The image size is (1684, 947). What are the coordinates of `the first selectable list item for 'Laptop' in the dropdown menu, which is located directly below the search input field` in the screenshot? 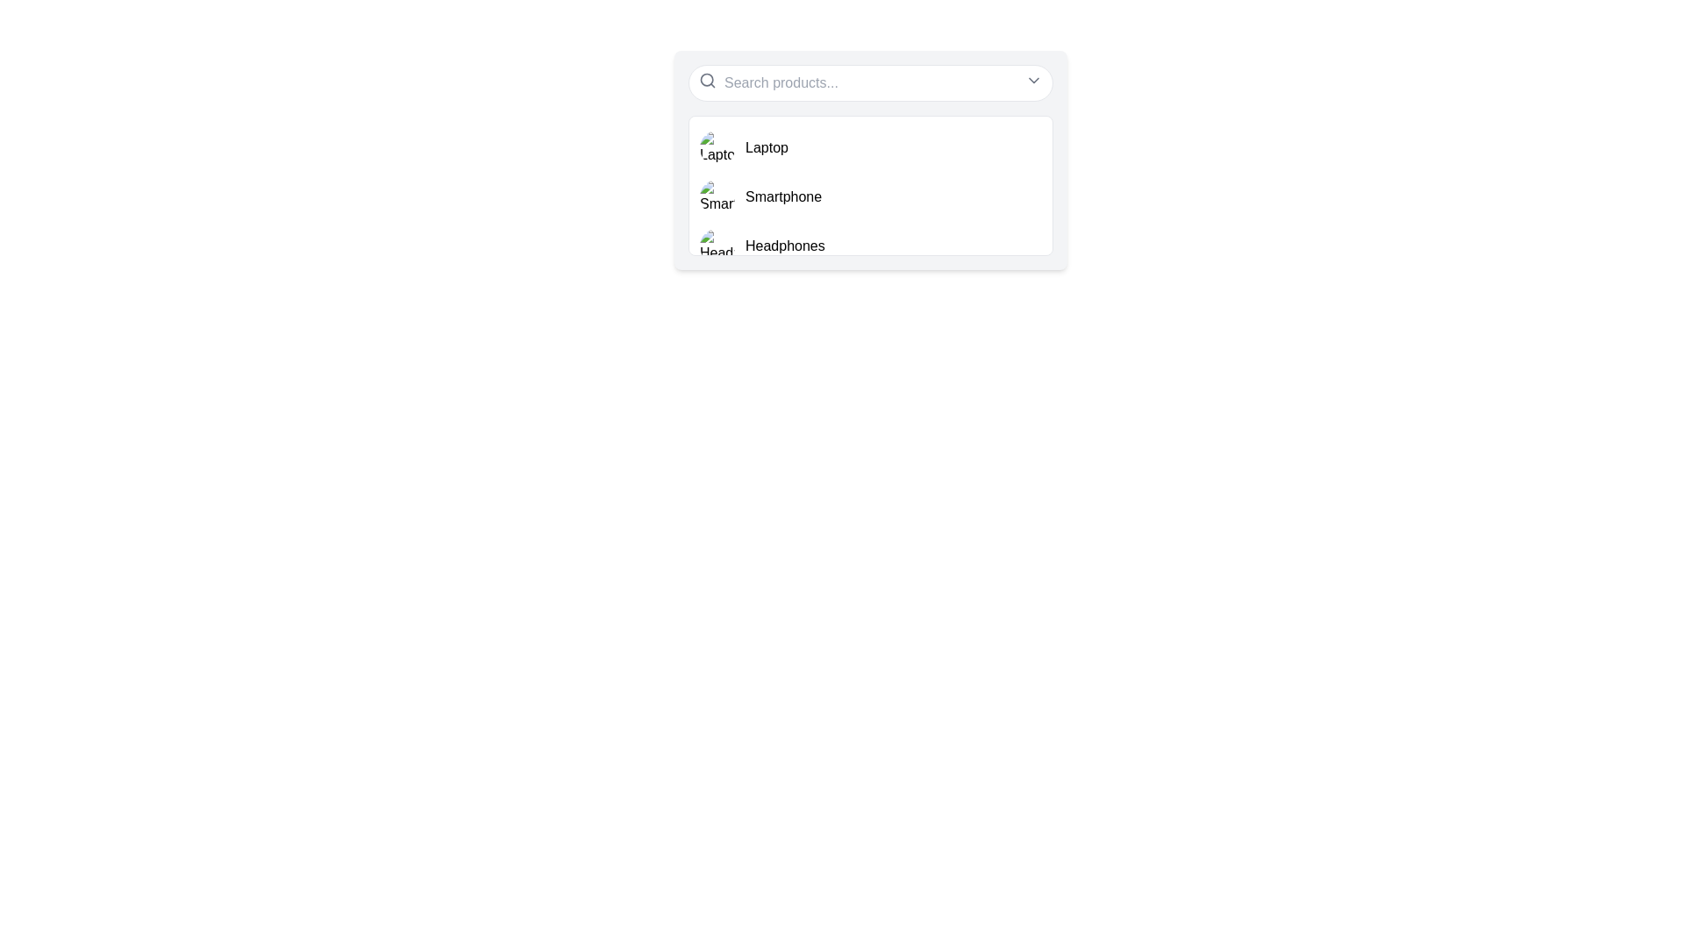 It's located at (871, 147).